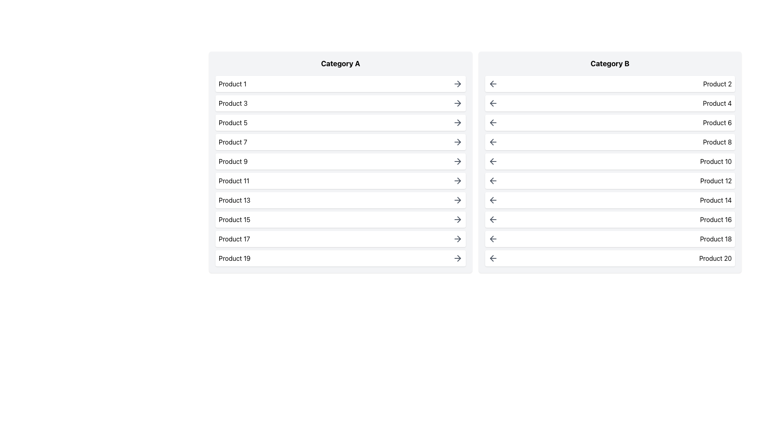  I want to click on the header text label that indicates the product category, located at the top of the left column above the product list, so click(340, 63).